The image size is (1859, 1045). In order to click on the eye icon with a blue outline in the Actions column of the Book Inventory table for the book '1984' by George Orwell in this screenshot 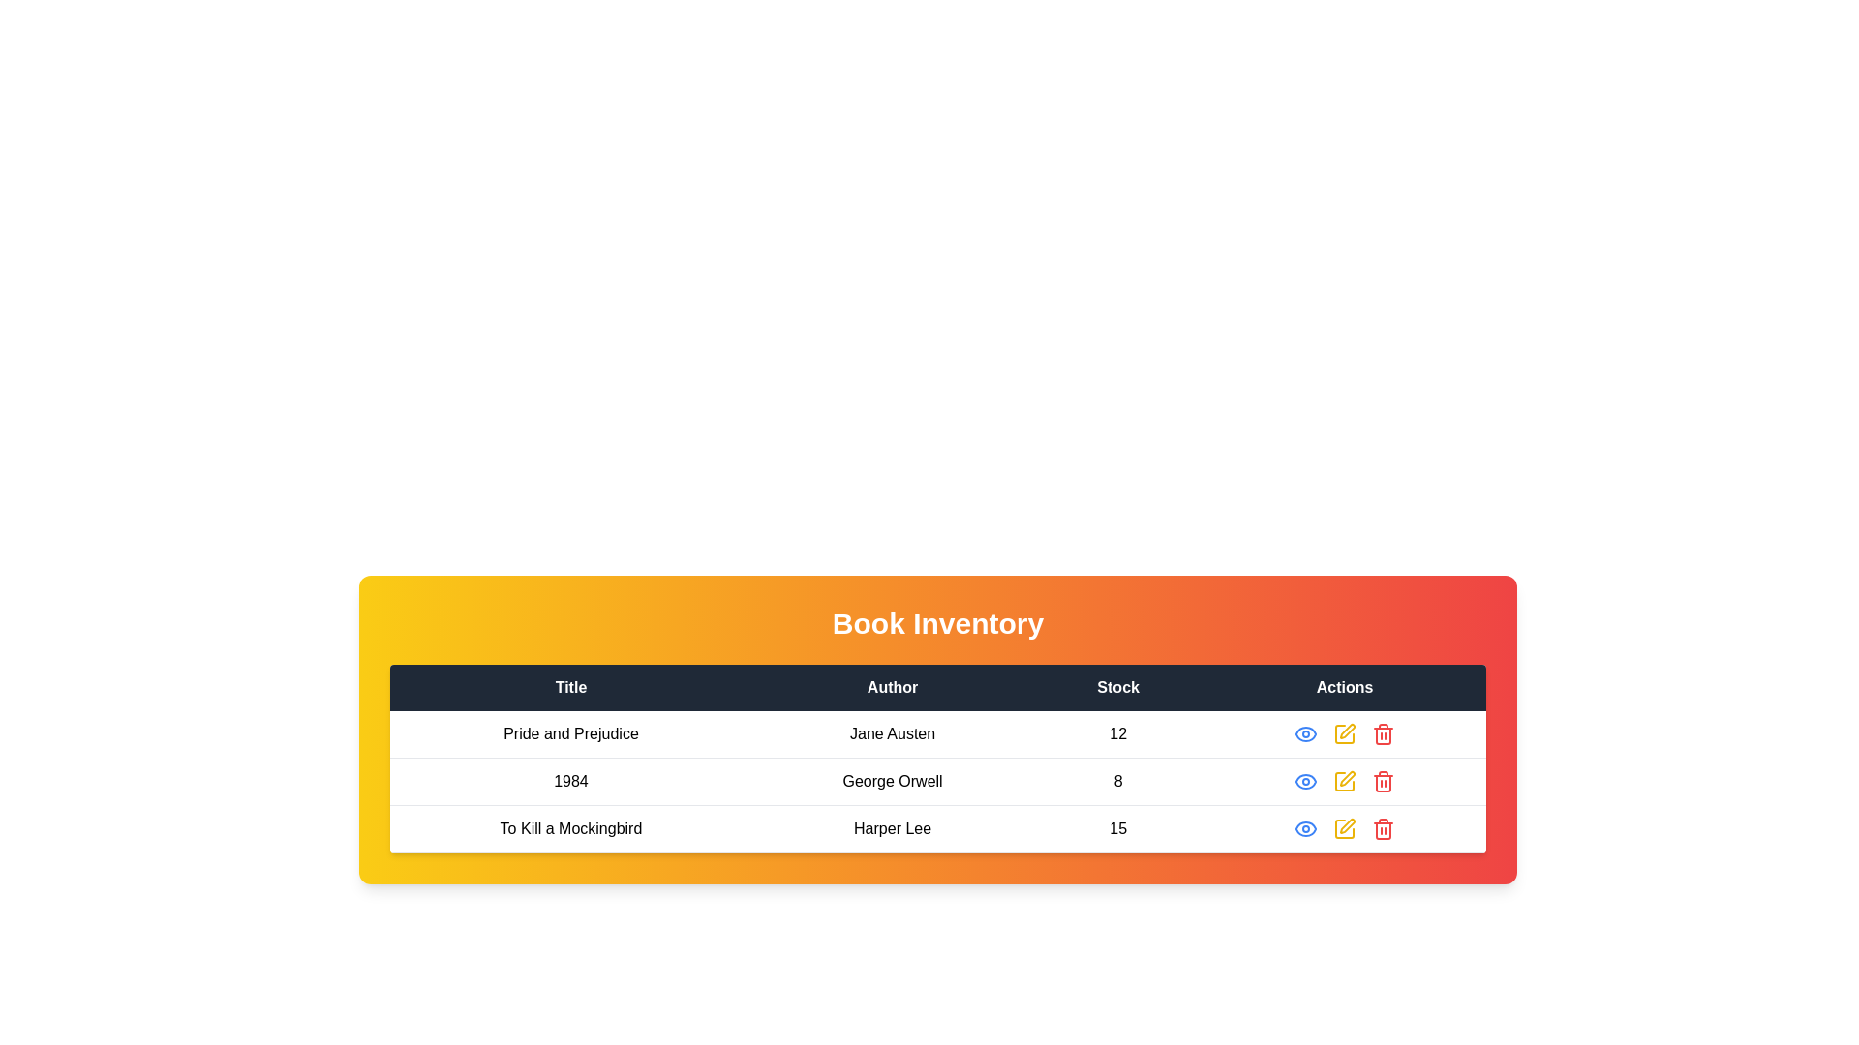, I will do `click(1305, 827)`.